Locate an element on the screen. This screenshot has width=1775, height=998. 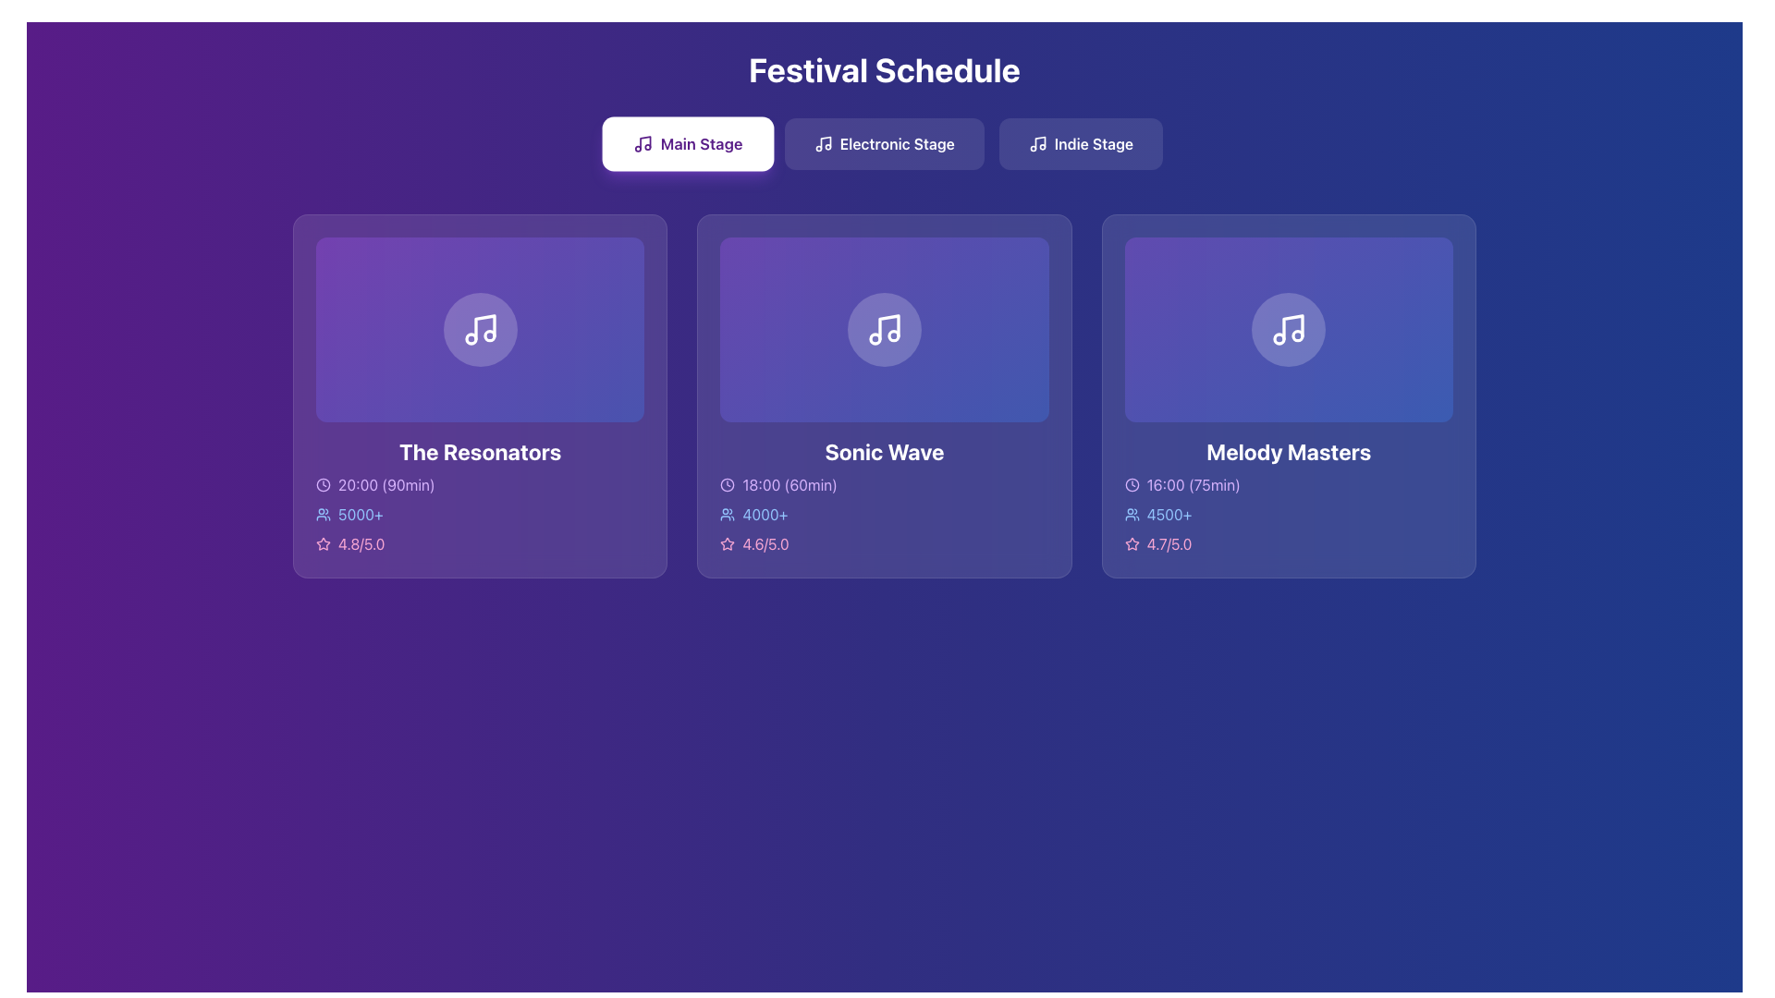
the Text label that indicates the number of attendees for the 'Sonic Wave' event, located beneath the card title and to the right in the data row is located at coordinates (765, 514).